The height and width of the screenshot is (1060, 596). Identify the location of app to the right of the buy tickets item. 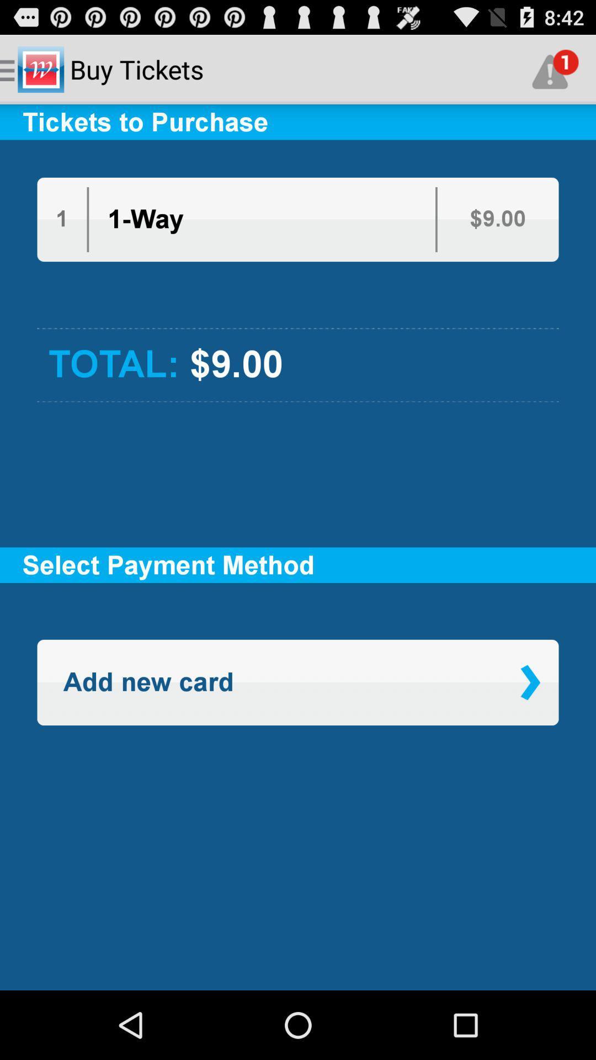
(555, 68).